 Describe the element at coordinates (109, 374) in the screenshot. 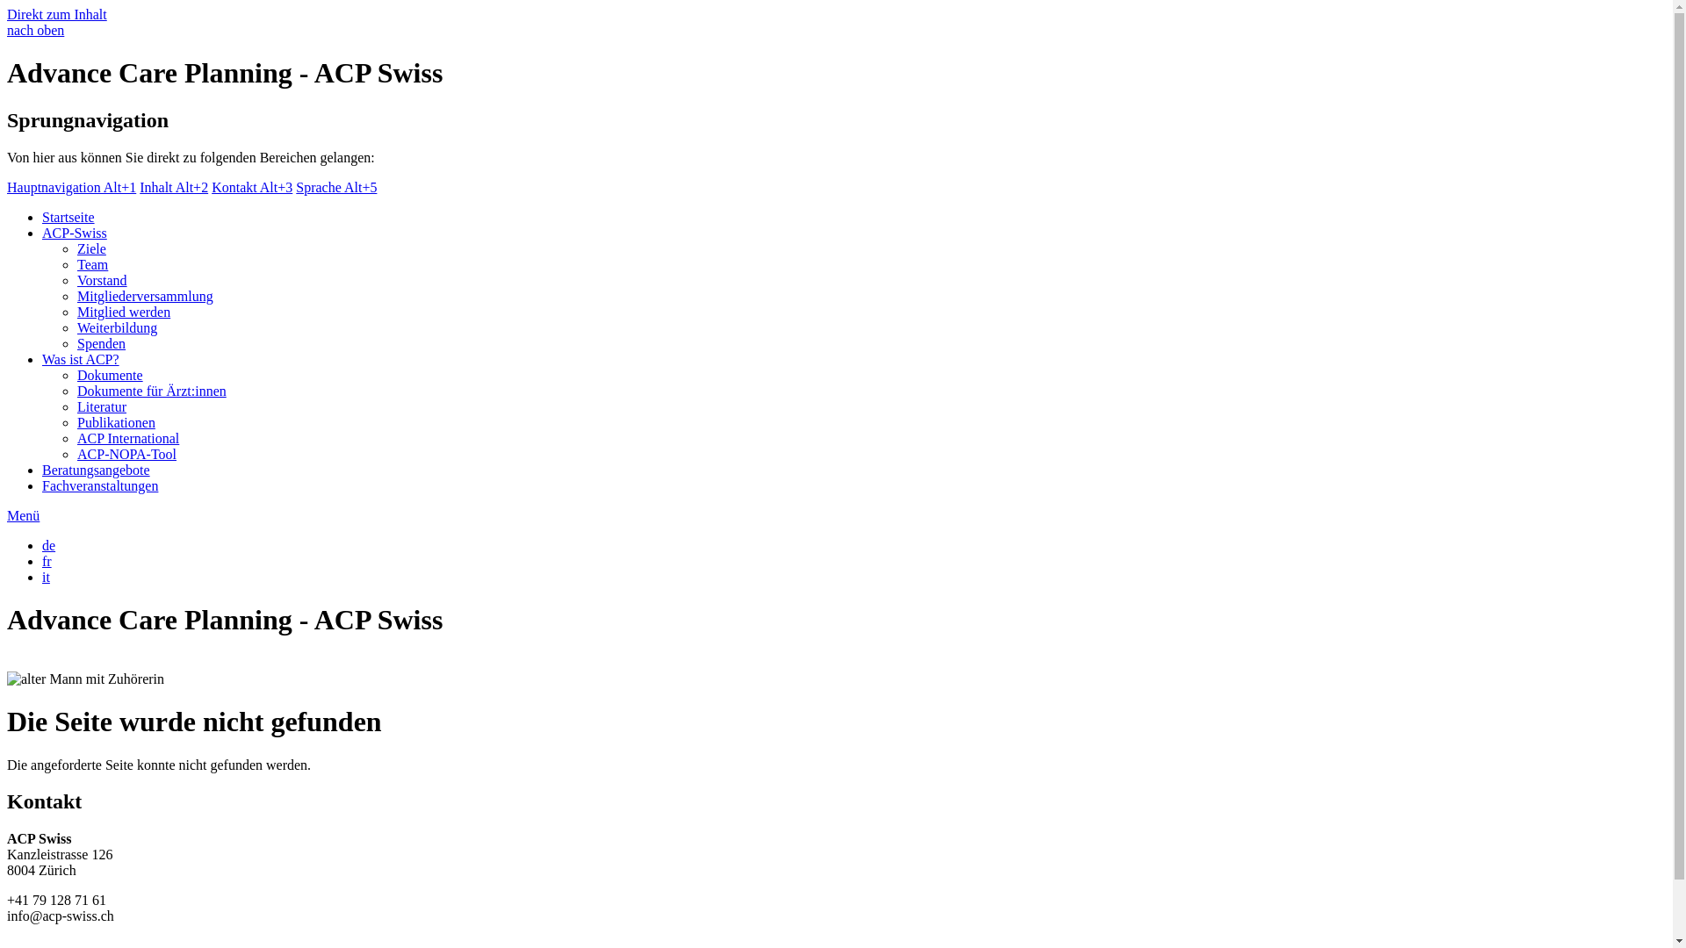

I see `'Dokumente'` at that location.